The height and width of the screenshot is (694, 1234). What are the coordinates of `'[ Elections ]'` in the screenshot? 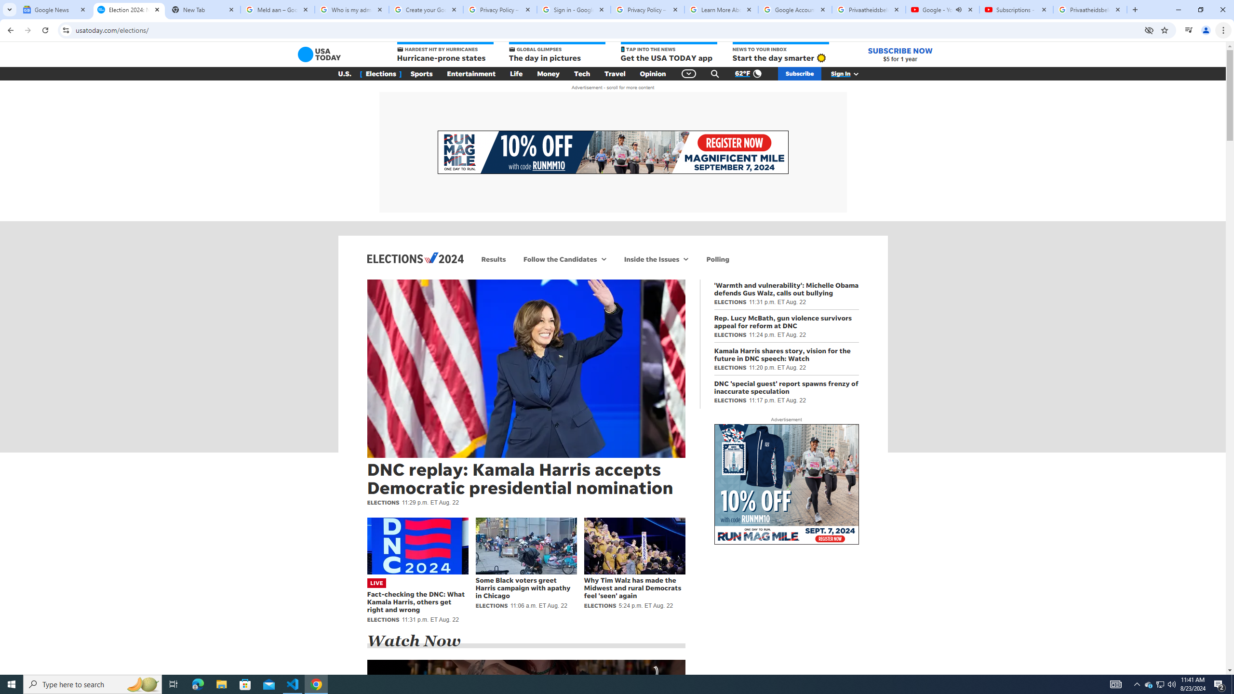 It's located at (380, 74).